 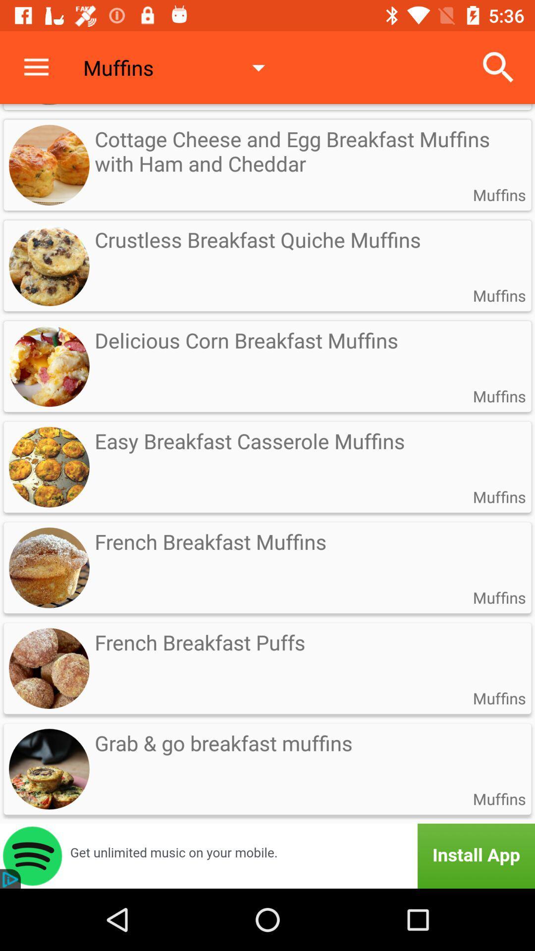 What do you see at coordinates (267, 855) in the screenshot?
I see `advertisement button` at bounding box center [267, 855].